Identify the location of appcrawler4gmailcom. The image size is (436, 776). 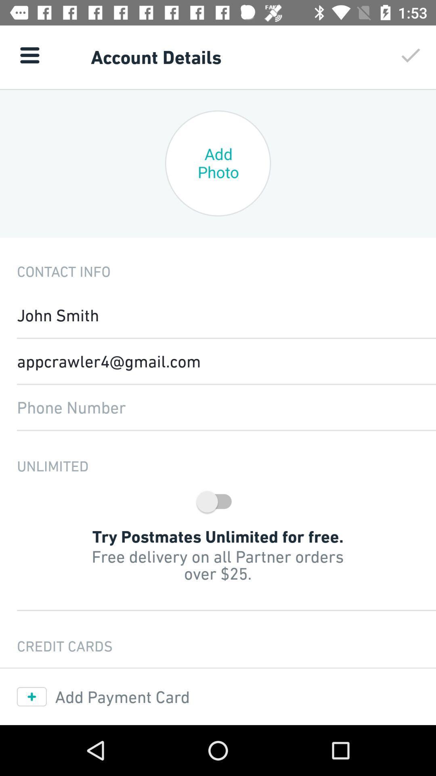
(218, 361).